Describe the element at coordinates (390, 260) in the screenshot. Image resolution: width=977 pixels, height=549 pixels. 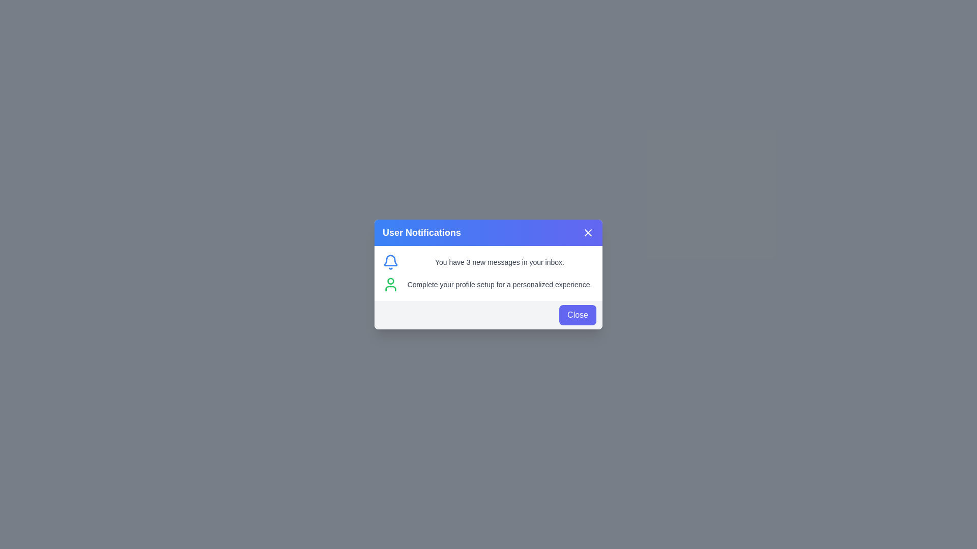
I see `the notification bell icon, which is an outlined bell shape with a blue stroke` at that location.